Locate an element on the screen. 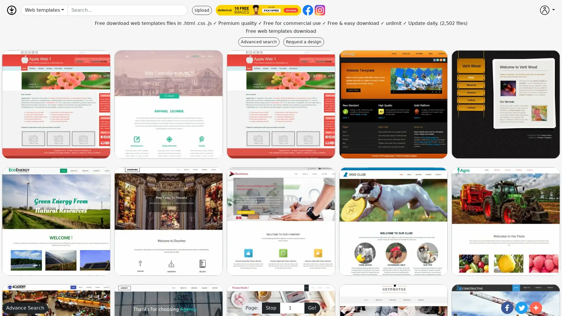 This screenshot has width=562, height=316. Advance Search is located at coordinates (25, 308).